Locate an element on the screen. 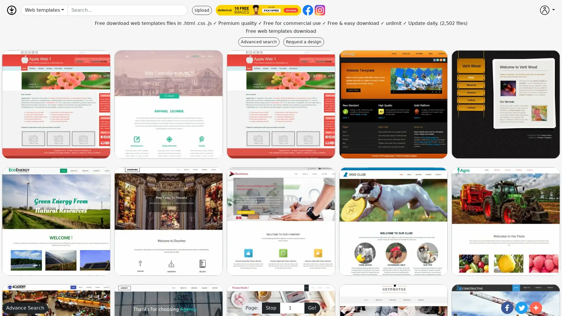 This screenshot has width=562, height=316. Advance Search is located at coordinates (25, 308).